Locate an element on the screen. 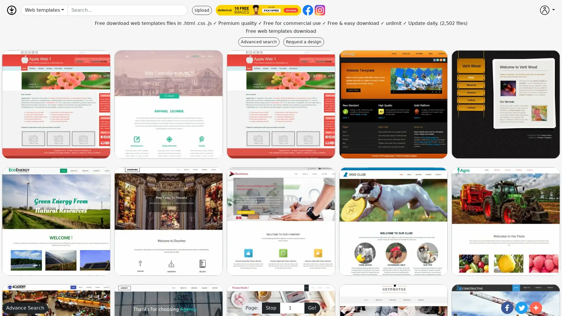 This screenshot has width=562, height=316. Advance Search is located at coordinates (25, 308).